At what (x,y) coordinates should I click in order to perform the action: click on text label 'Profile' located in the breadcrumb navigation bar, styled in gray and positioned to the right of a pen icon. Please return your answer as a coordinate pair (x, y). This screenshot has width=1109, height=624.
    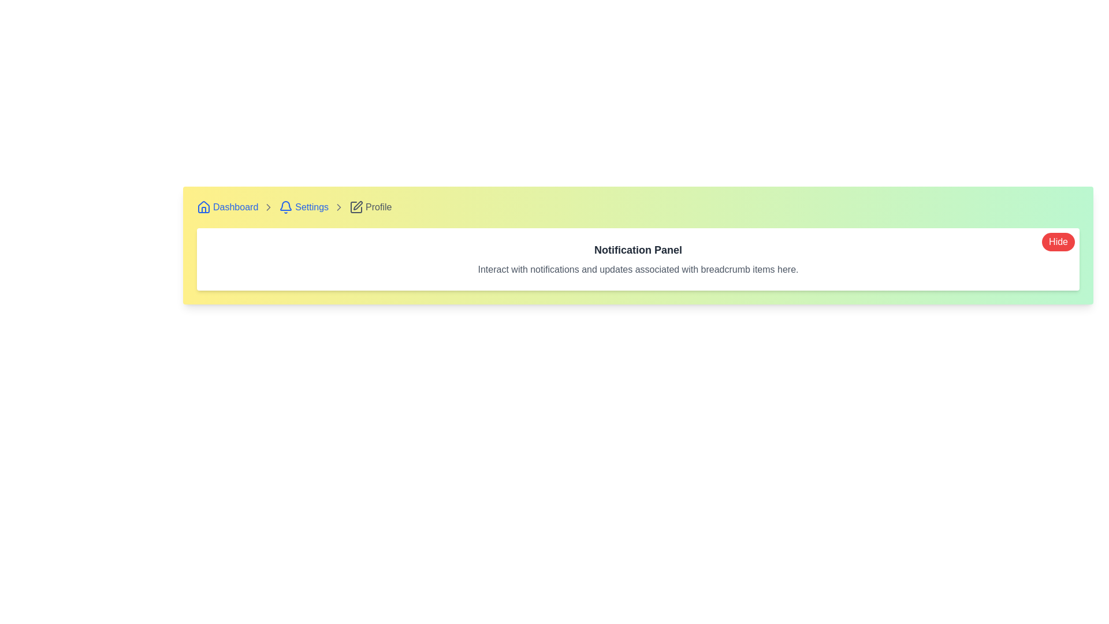
    Looking at the image, I should click on (378, 206).